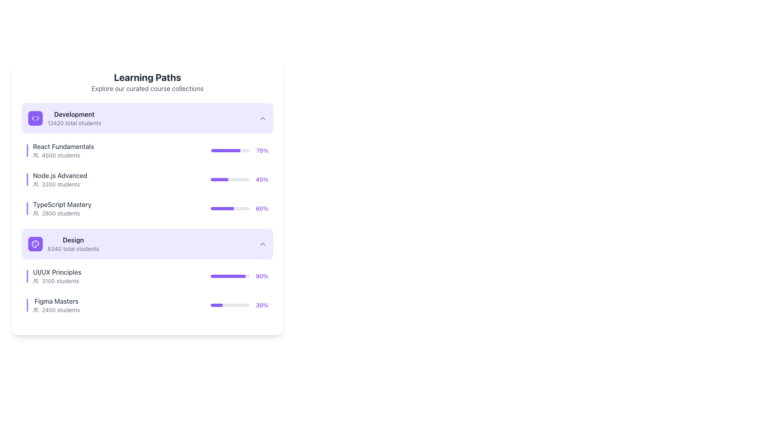 The height and width of the screenshot is (435, 774). Describe the element at coordinates (27, 305) in the screenshot. I see `vertical violet bar indicator located to the left of the 'Figma Masters' text element` at that location.